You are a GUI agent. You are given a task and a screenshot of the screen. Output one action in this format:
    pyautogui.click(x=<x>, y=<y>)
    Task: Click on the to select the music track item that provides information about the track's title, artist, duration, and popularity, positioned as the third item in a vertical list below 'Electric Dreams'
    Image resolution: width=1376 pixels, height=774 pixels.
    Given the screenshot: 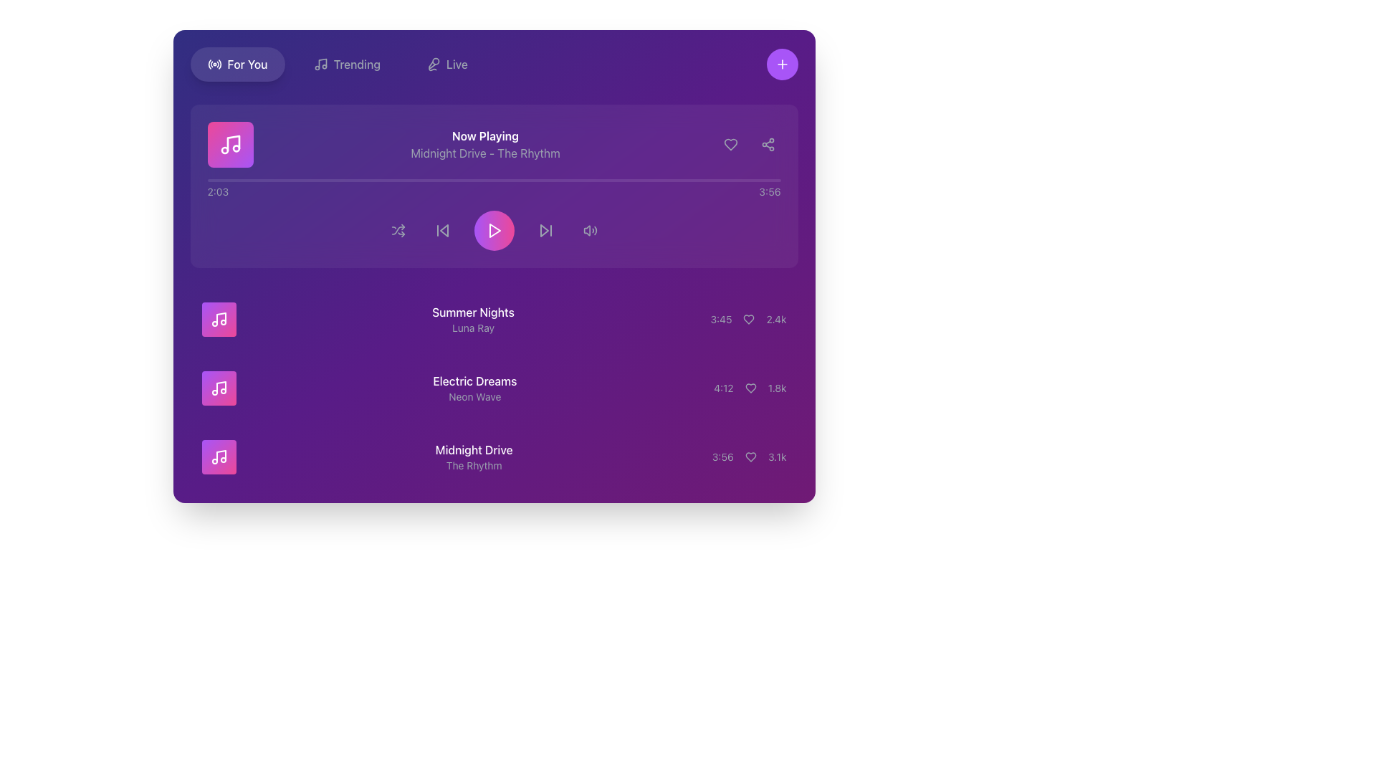 What is the action you would take?
    pyautogui.click(x=494, y=457)
    